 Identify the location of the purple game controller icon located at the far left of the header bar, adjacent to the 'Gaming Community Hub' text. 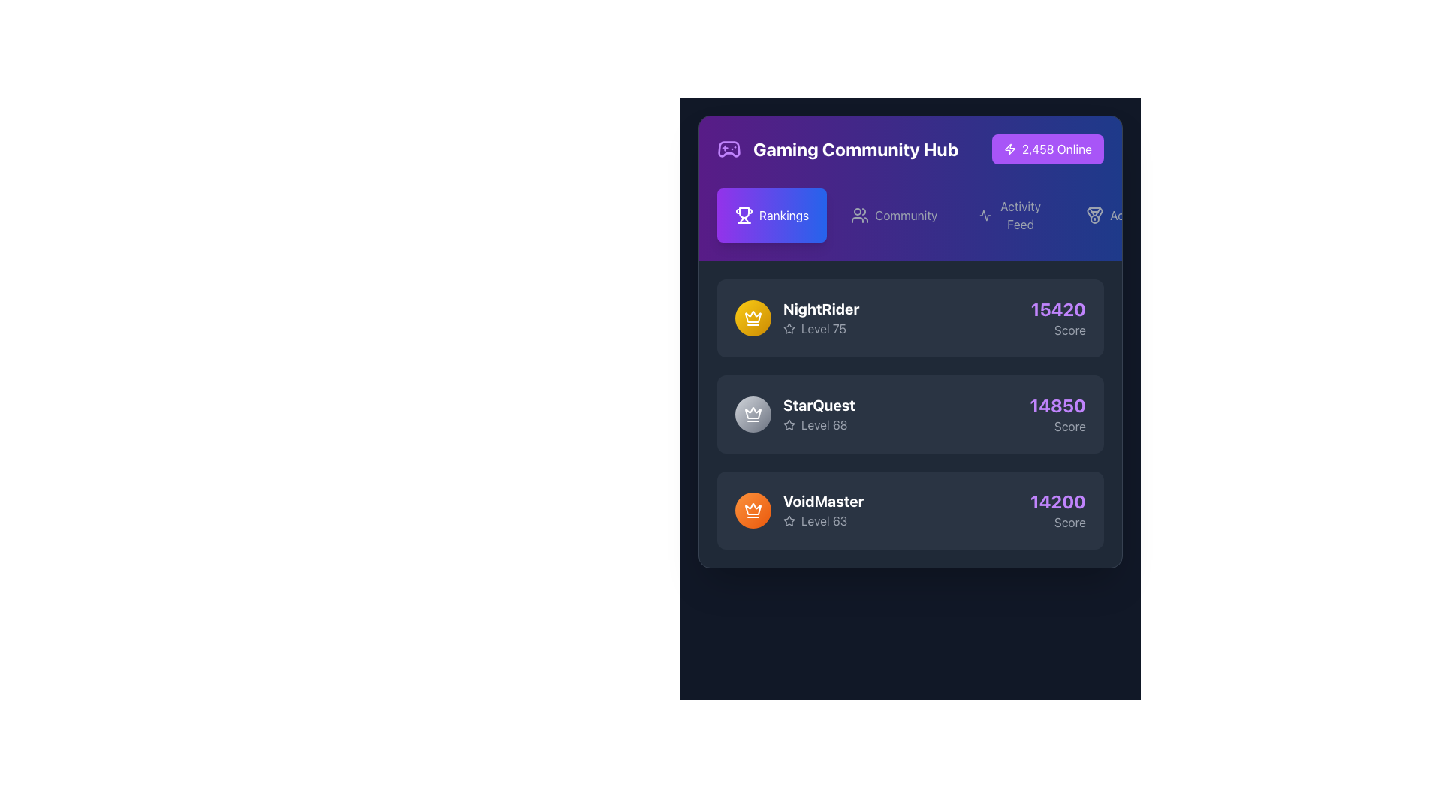
(729, 149).